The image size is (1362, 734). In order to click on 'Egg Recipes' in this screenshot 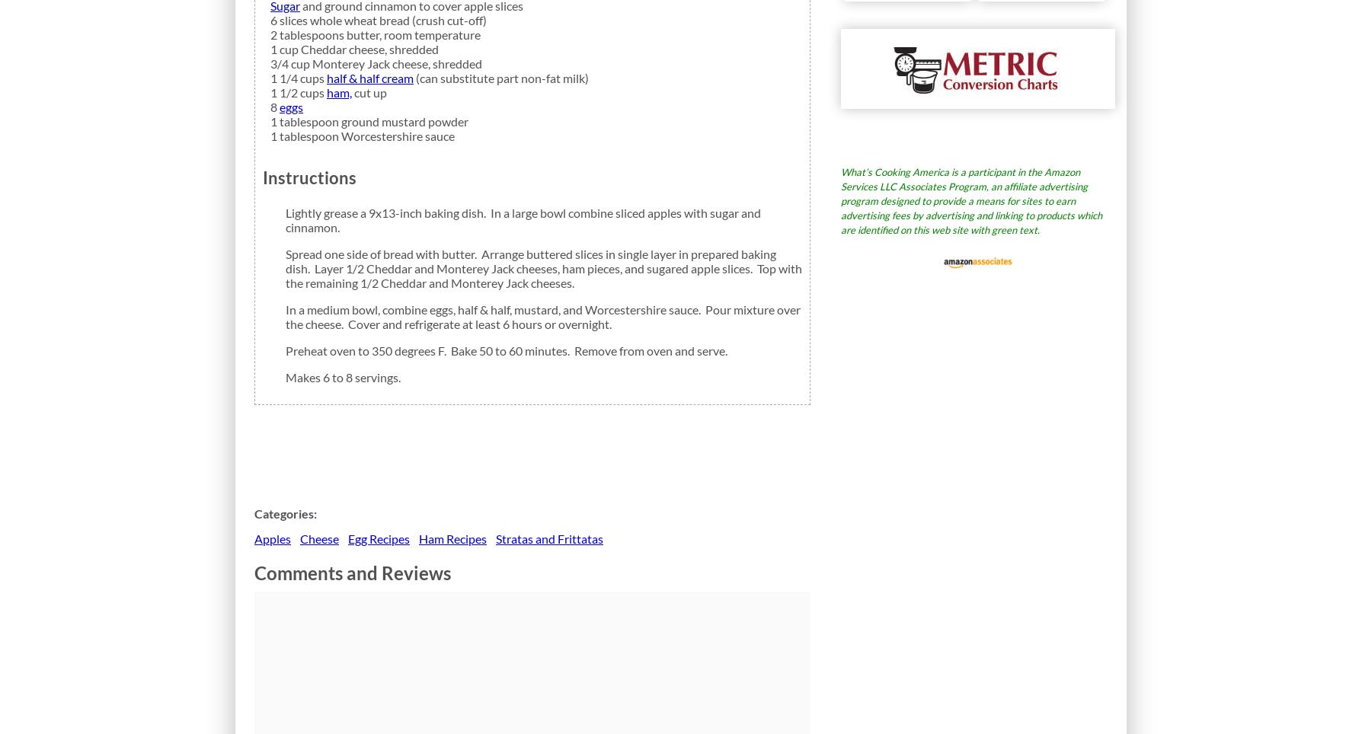, I will do `click(379, 538)`.